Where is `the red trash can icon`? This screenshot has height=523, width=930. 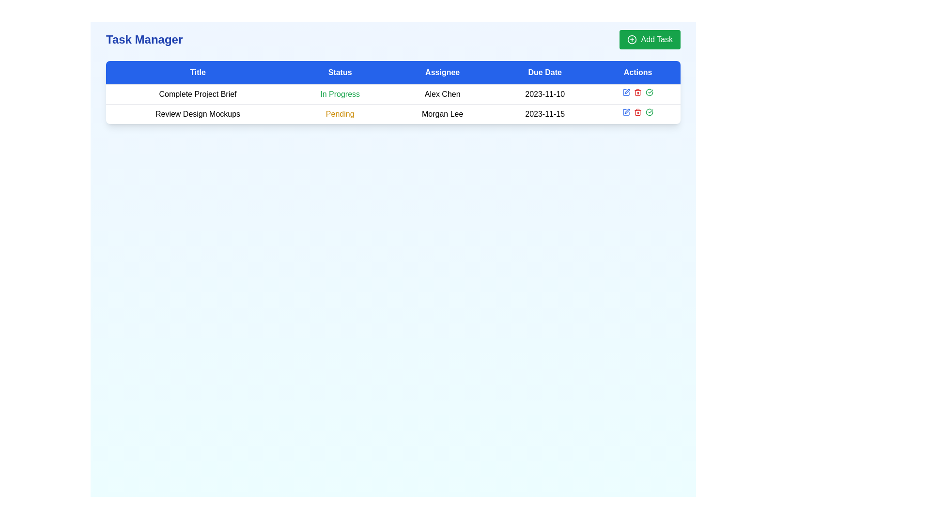 the red trash can icon is located at coordinates (638, 92).